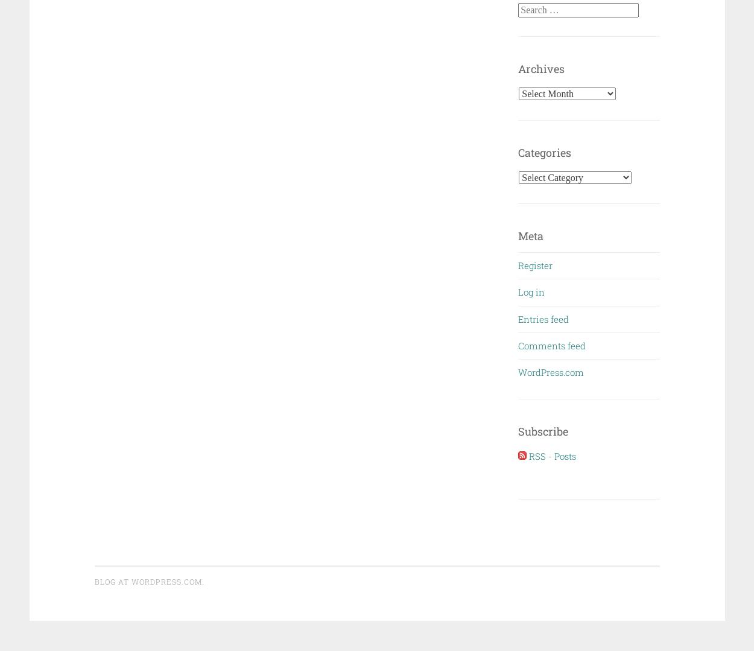 The image size is (754, 651). I want to click on 'RSS - Posts', so click(553, 456).